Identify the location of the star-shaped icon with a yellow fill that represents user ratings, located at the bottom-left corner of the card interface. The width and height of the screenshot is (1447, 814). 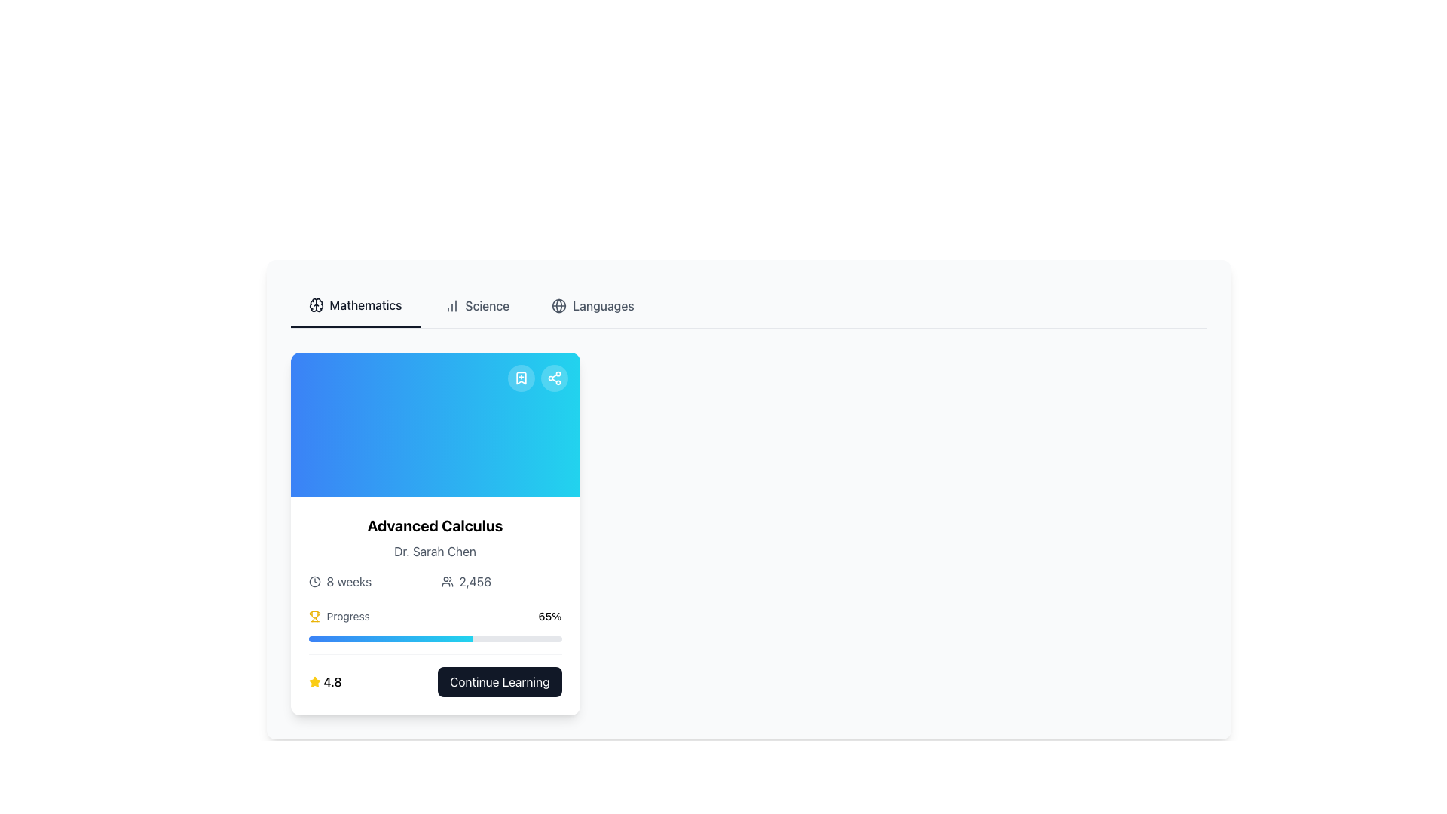
(314, 682).